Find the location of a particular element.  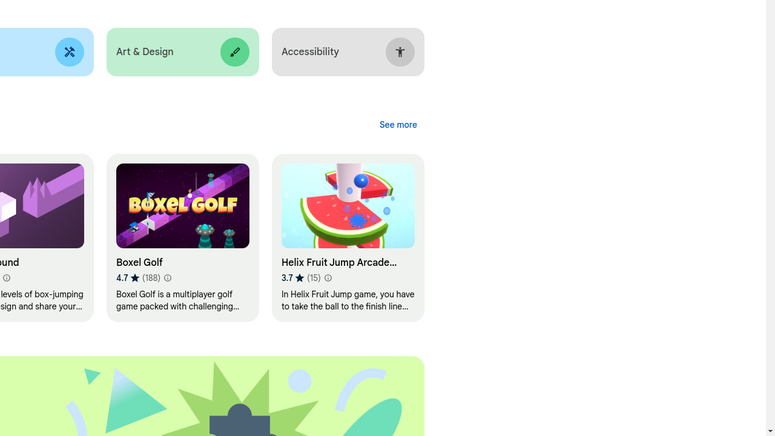

'Learn more about results and reviews "Boxel Golf"' is located at coordinates (166, 278).